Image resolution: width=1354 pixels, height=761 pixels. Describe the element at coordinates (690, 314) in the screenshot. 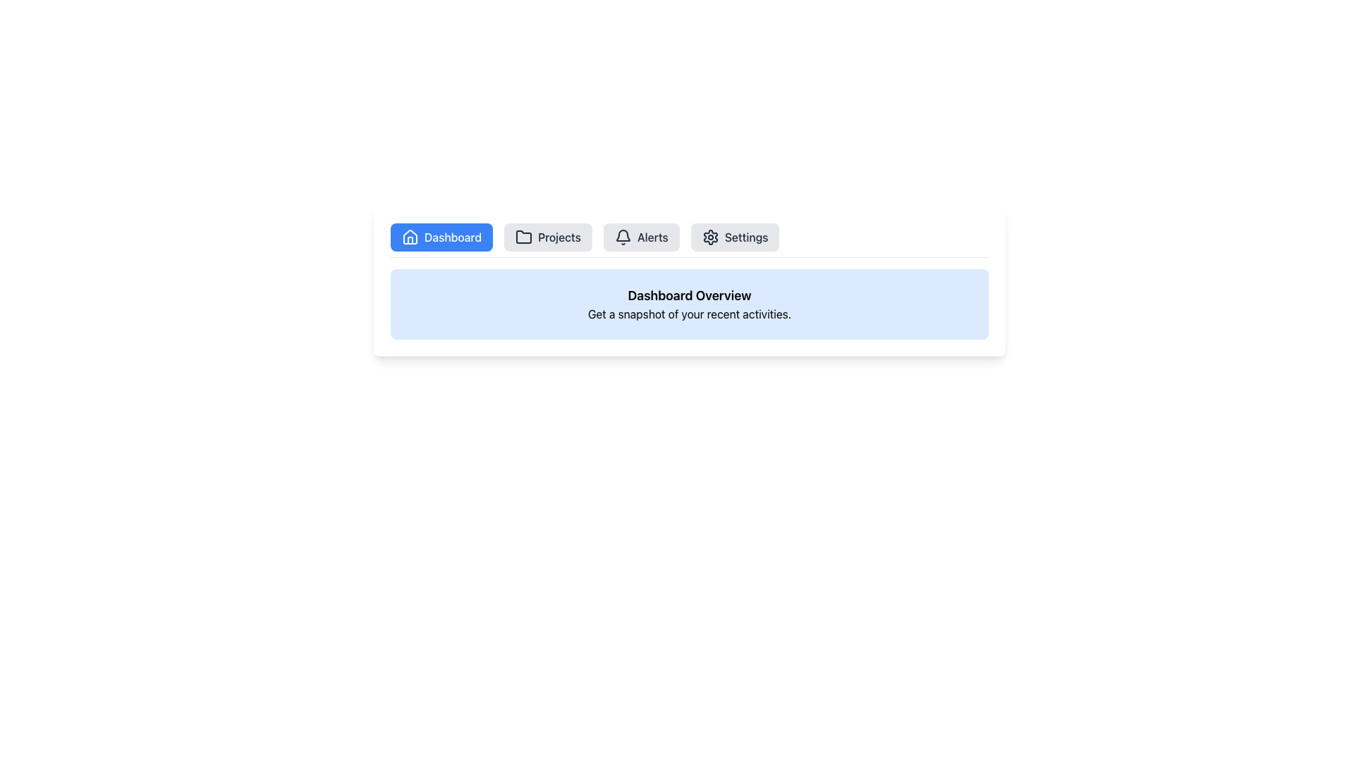

I see `the text label providing guidance related to the Dashboard Overview section, which is located beneath the 'Dashboard Overview' heading` at that location.